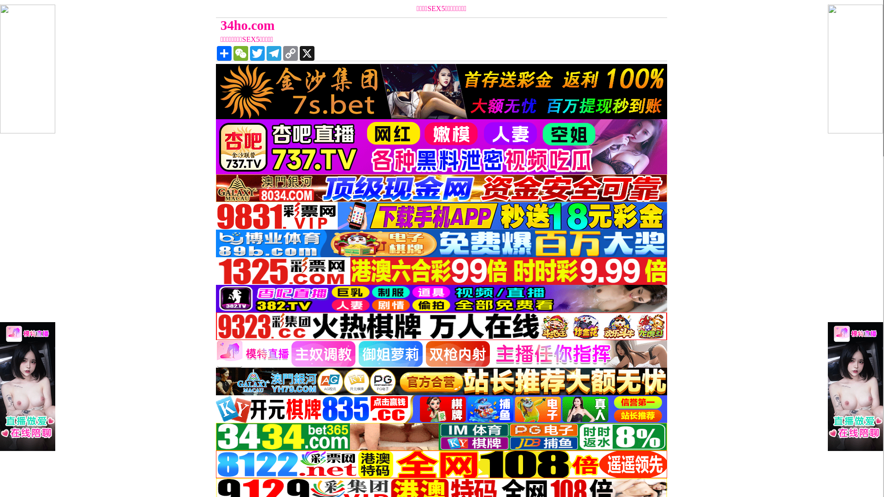  What do you see at coordinates (241, 53) in the screenshot?
I see `'WeChat'` at bounding box center [241, 53].